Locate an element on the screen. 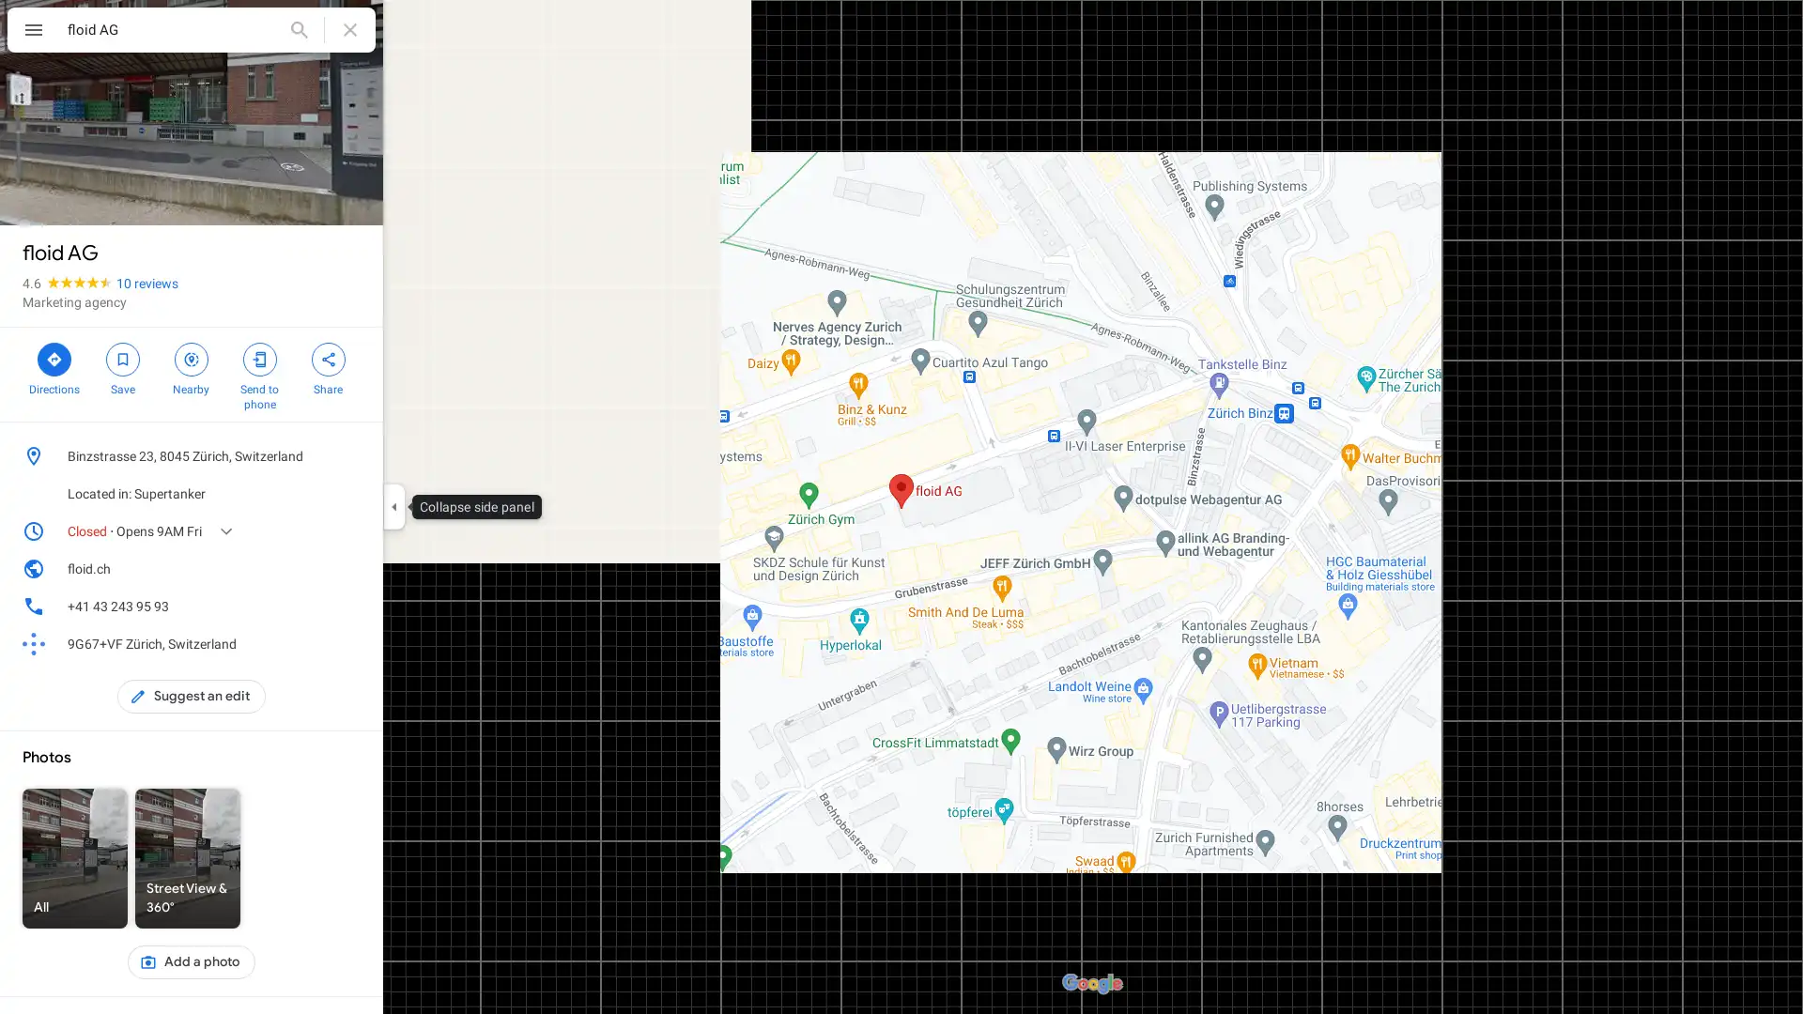 The image size is (1803, 1014). 10 reviews is located at coordinates (146, 283).